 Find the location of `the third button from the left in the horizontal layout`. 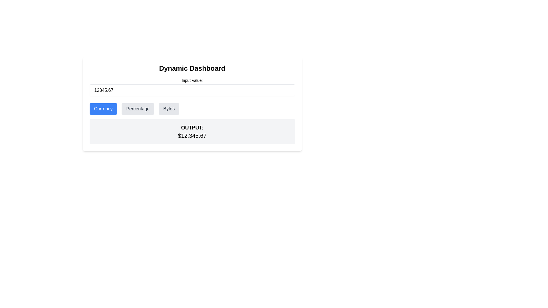

the third button from the left in the horizontal layout is located at coordinates (168, 109).